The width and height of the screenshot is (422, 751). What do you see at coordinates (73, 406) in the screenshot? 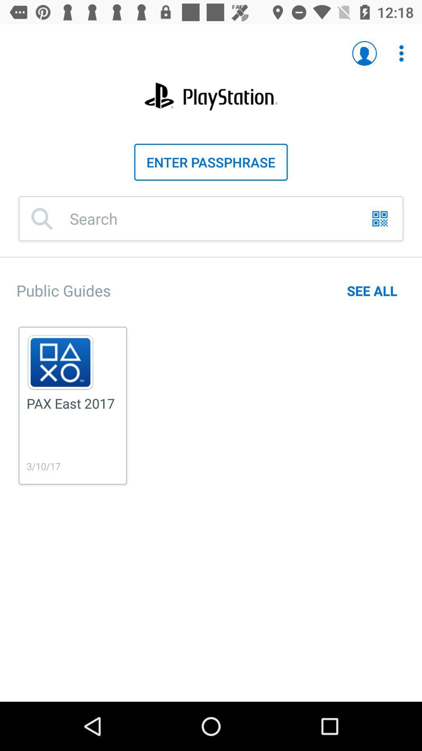
I see `the game launcher icon with text pax east 2017` at bounding box center [73, 406].